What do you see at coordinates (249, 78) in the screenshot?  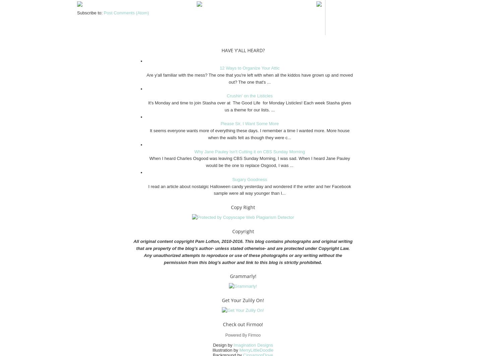 I see `'Are y'all familiar with the mess? The one that you're left with when all the kiddos have grown up and moved out? The one that's ...'` at bounding box center [249, 78].